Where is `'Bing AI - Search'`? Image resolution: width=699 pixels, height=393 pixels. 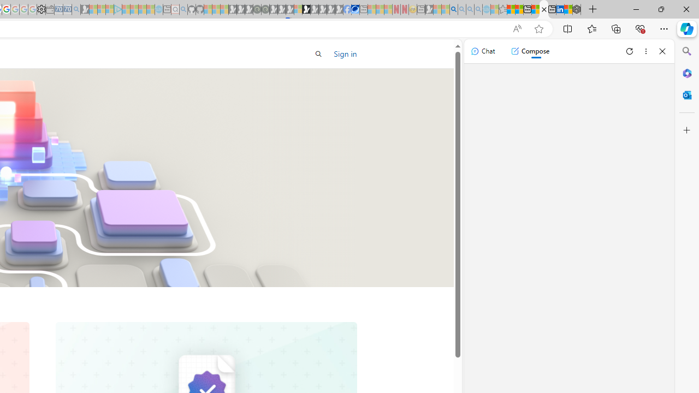 'Bing AI - Search' is located at coordinates (454, 9).